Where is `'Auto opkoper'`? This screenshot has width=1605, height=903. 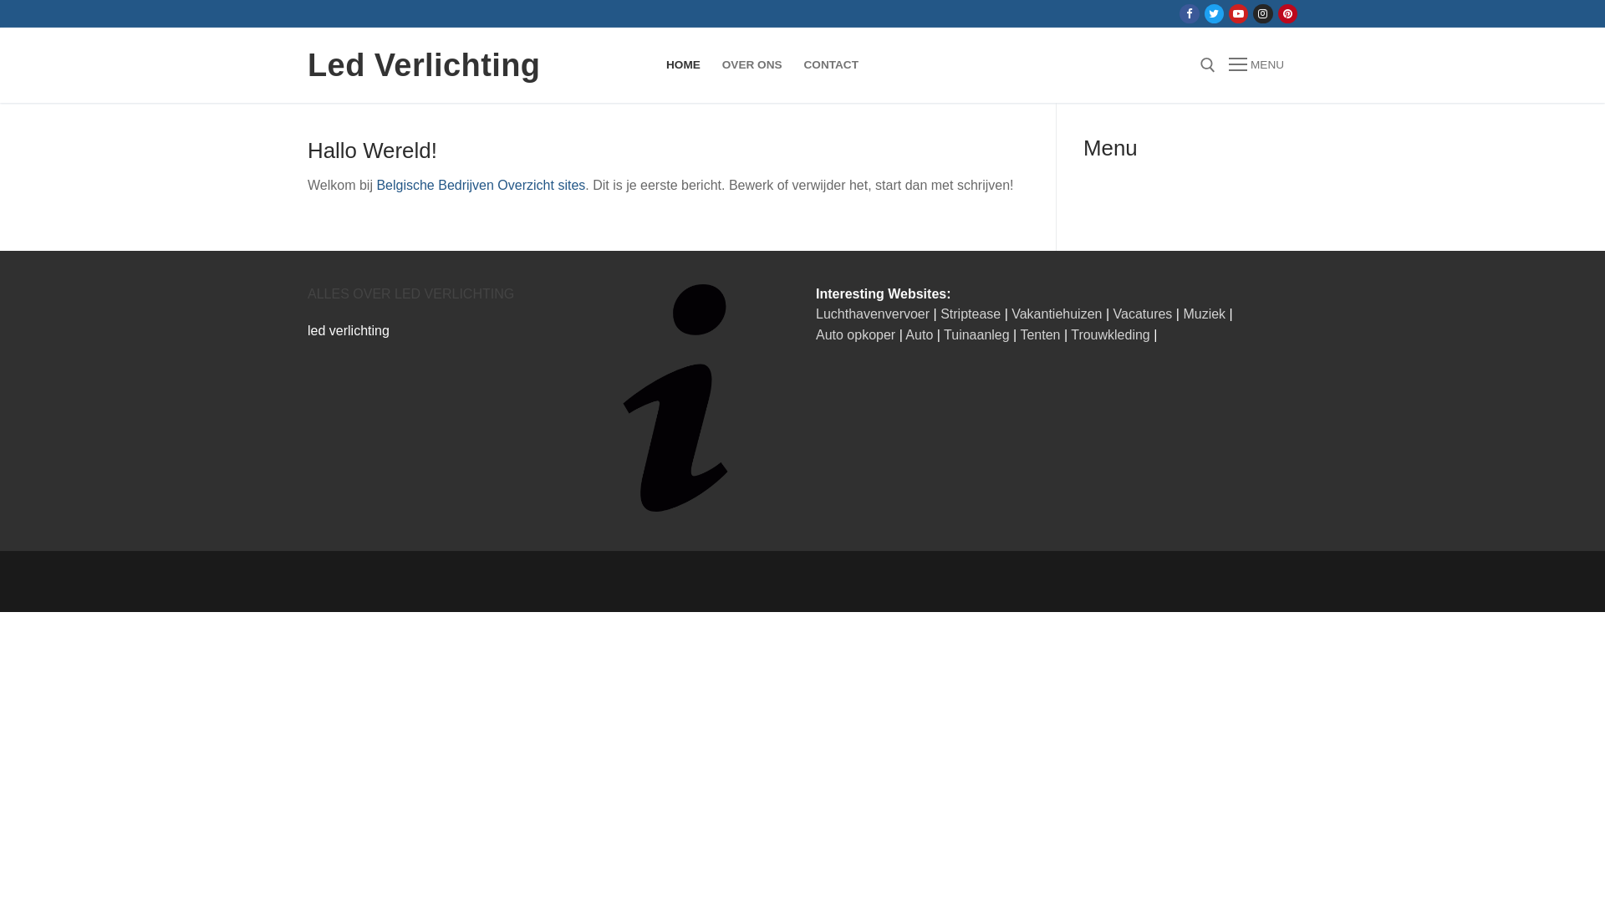 'Auto opkoper' is located at coordinates (855, 334).